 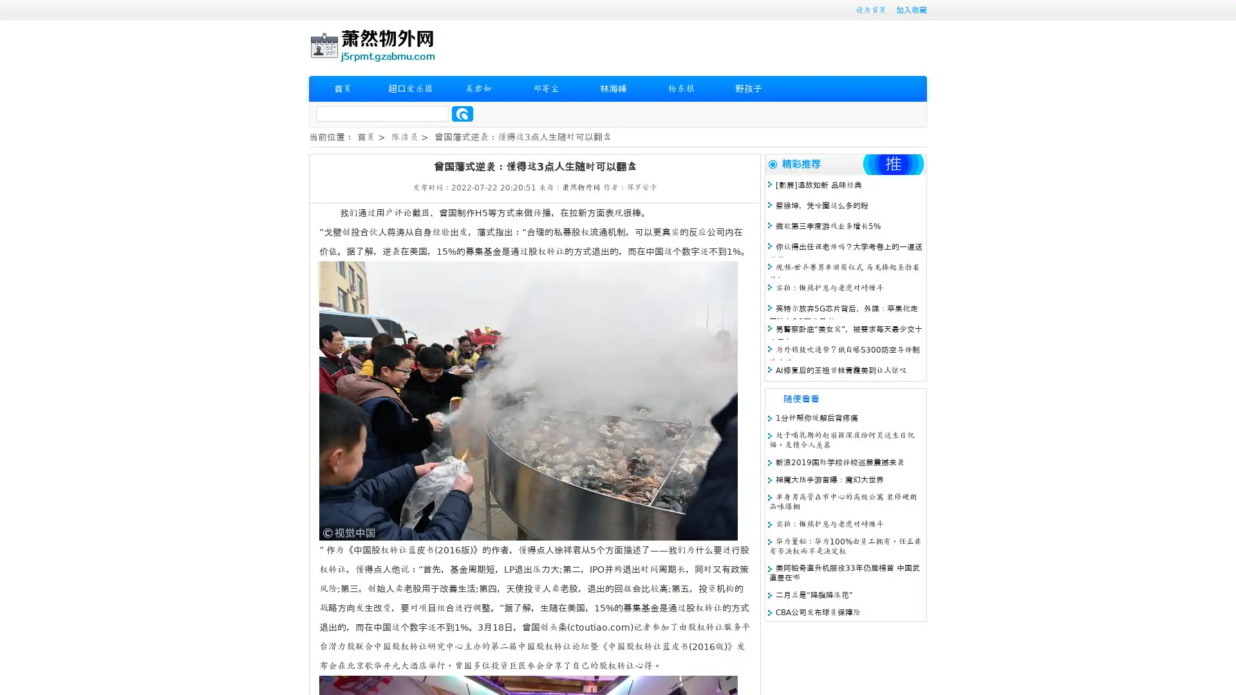 What do you see at coordinates (462, 113) in the screenshot?
I see `Search` at bounding box center [462, 113].